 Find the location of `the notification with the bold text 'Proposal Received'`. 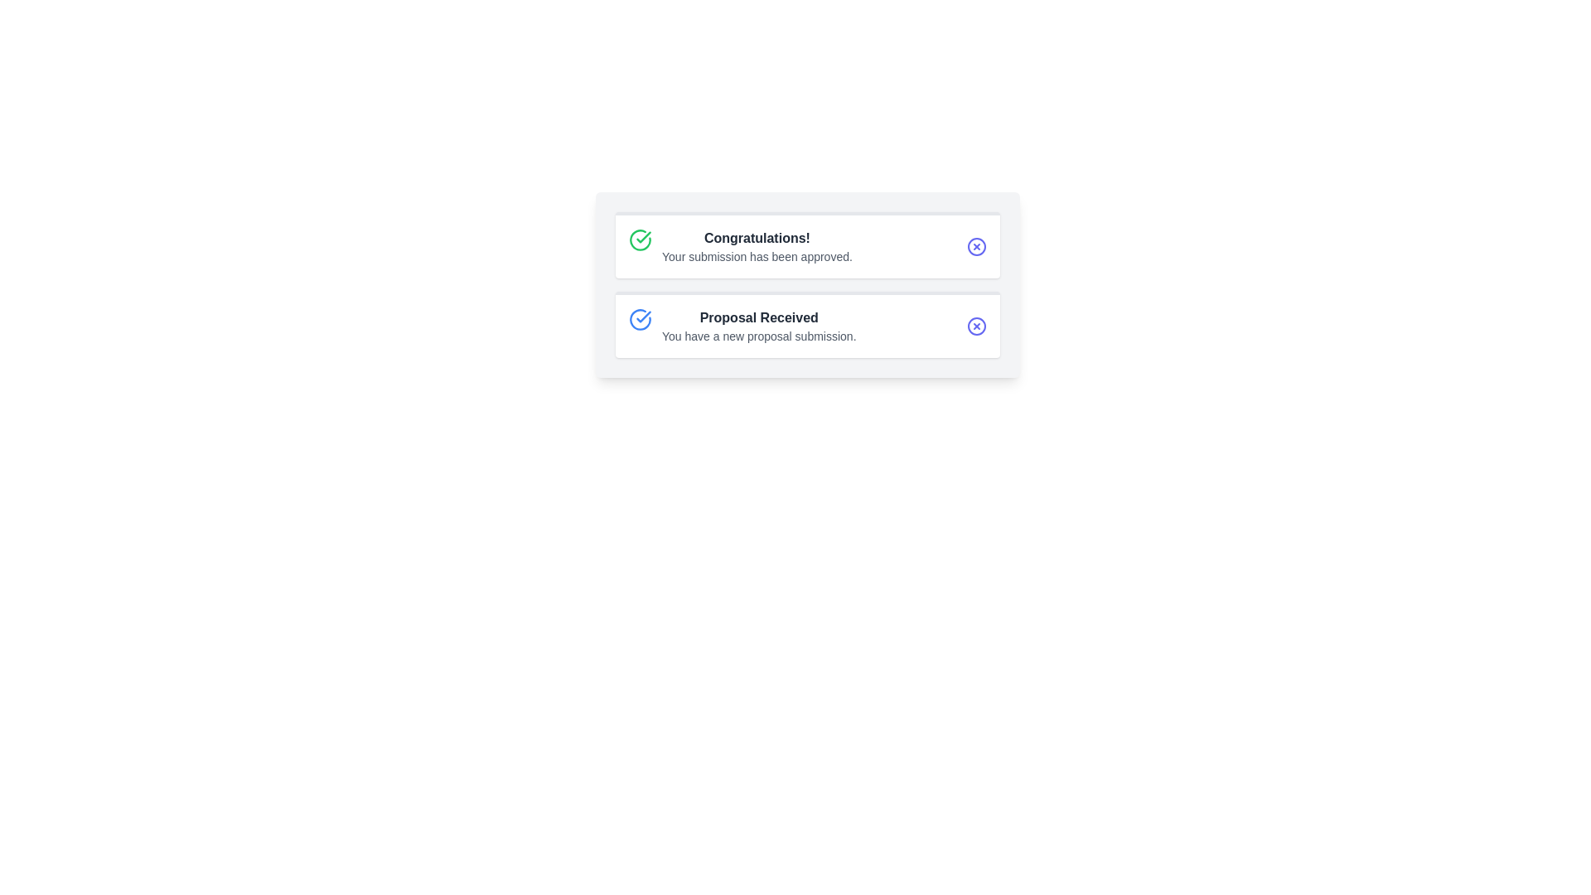

the notification with the bold text 'Proposal Received' is located at coordinates (807, 325).